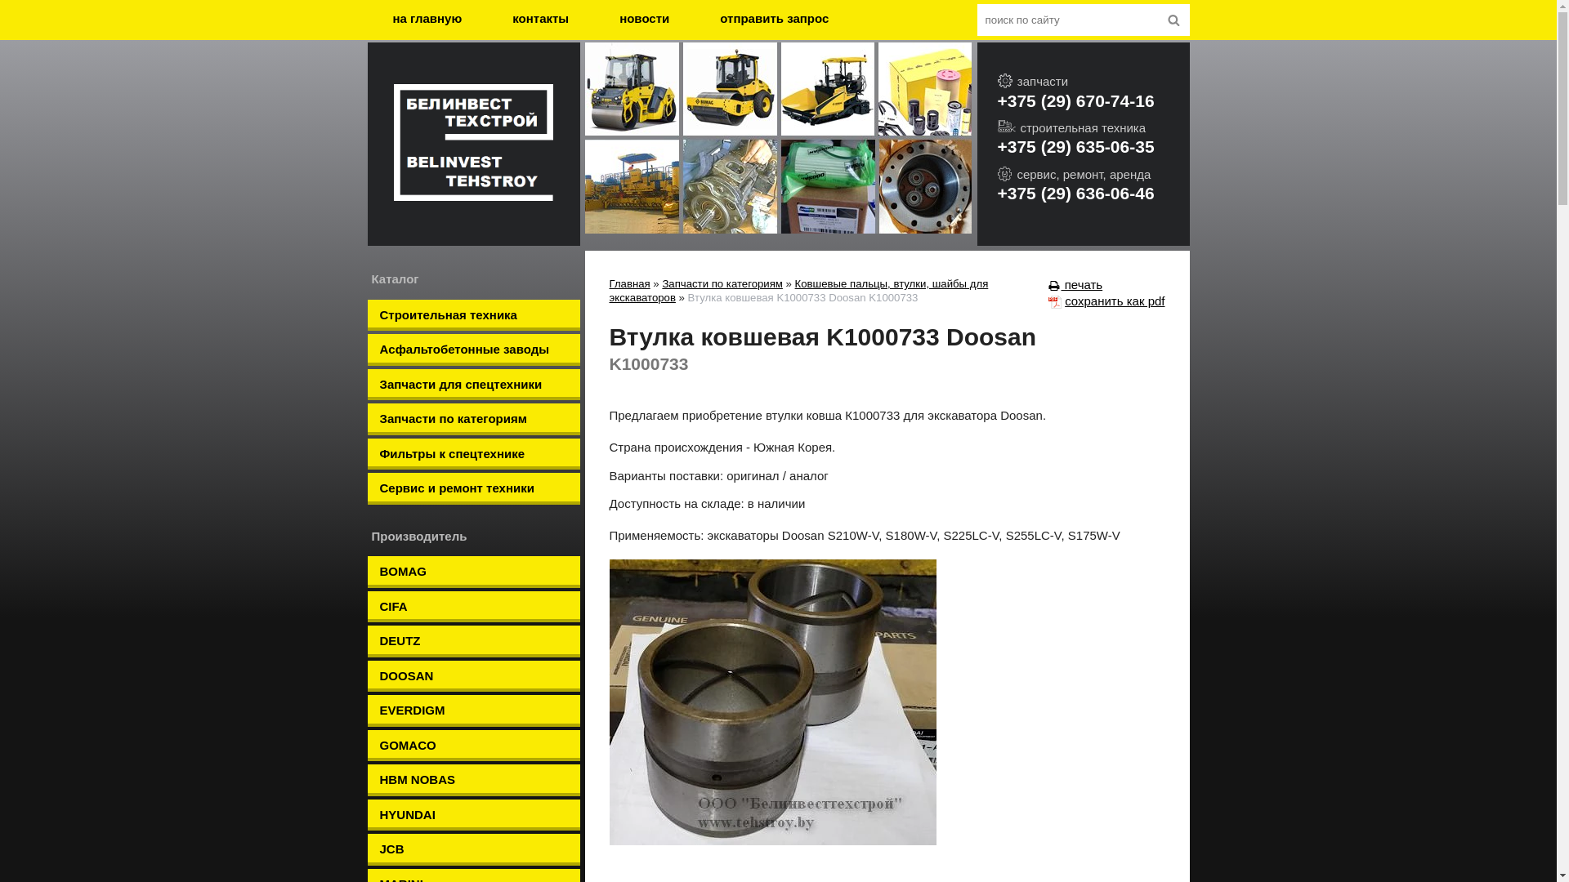 This screenshot has height=882, width=1569. Describe the element at coordinates (473, 571) in the screenshot. I see `'BOMAG'` at that location.